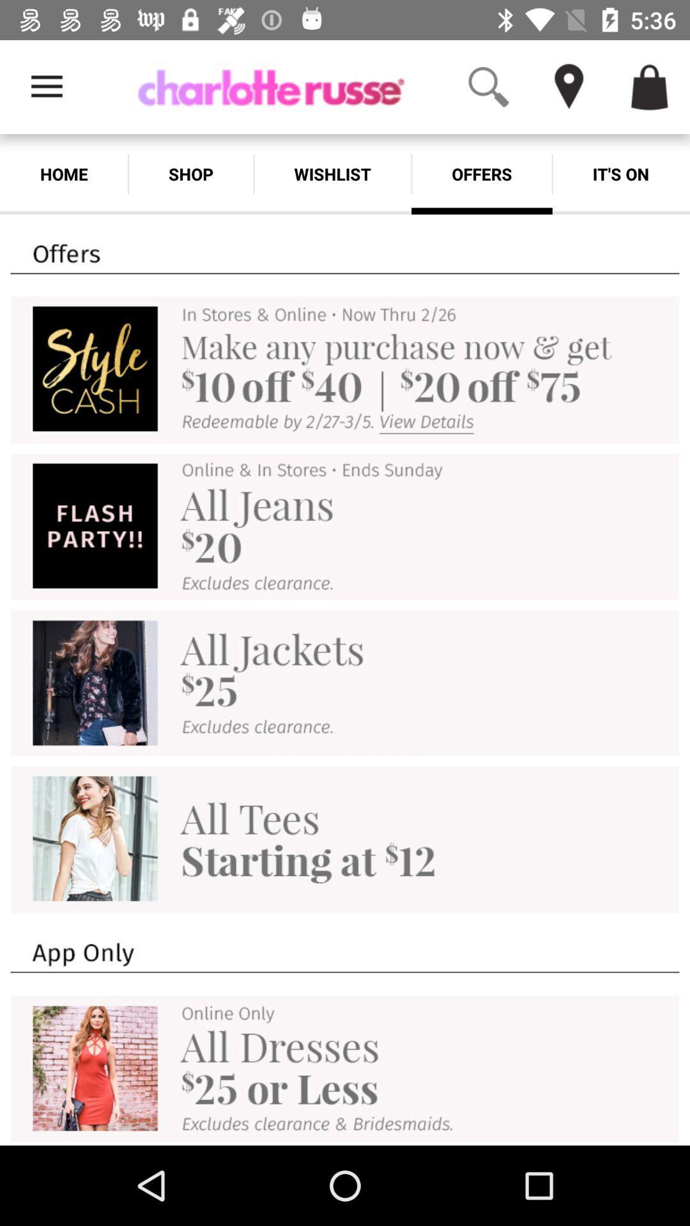 The width and height of the screenshot is (690, 1226). Describe the element at coordinates (332, 174) in the screenshot. I see `icon to the left of the offers item` at that location.